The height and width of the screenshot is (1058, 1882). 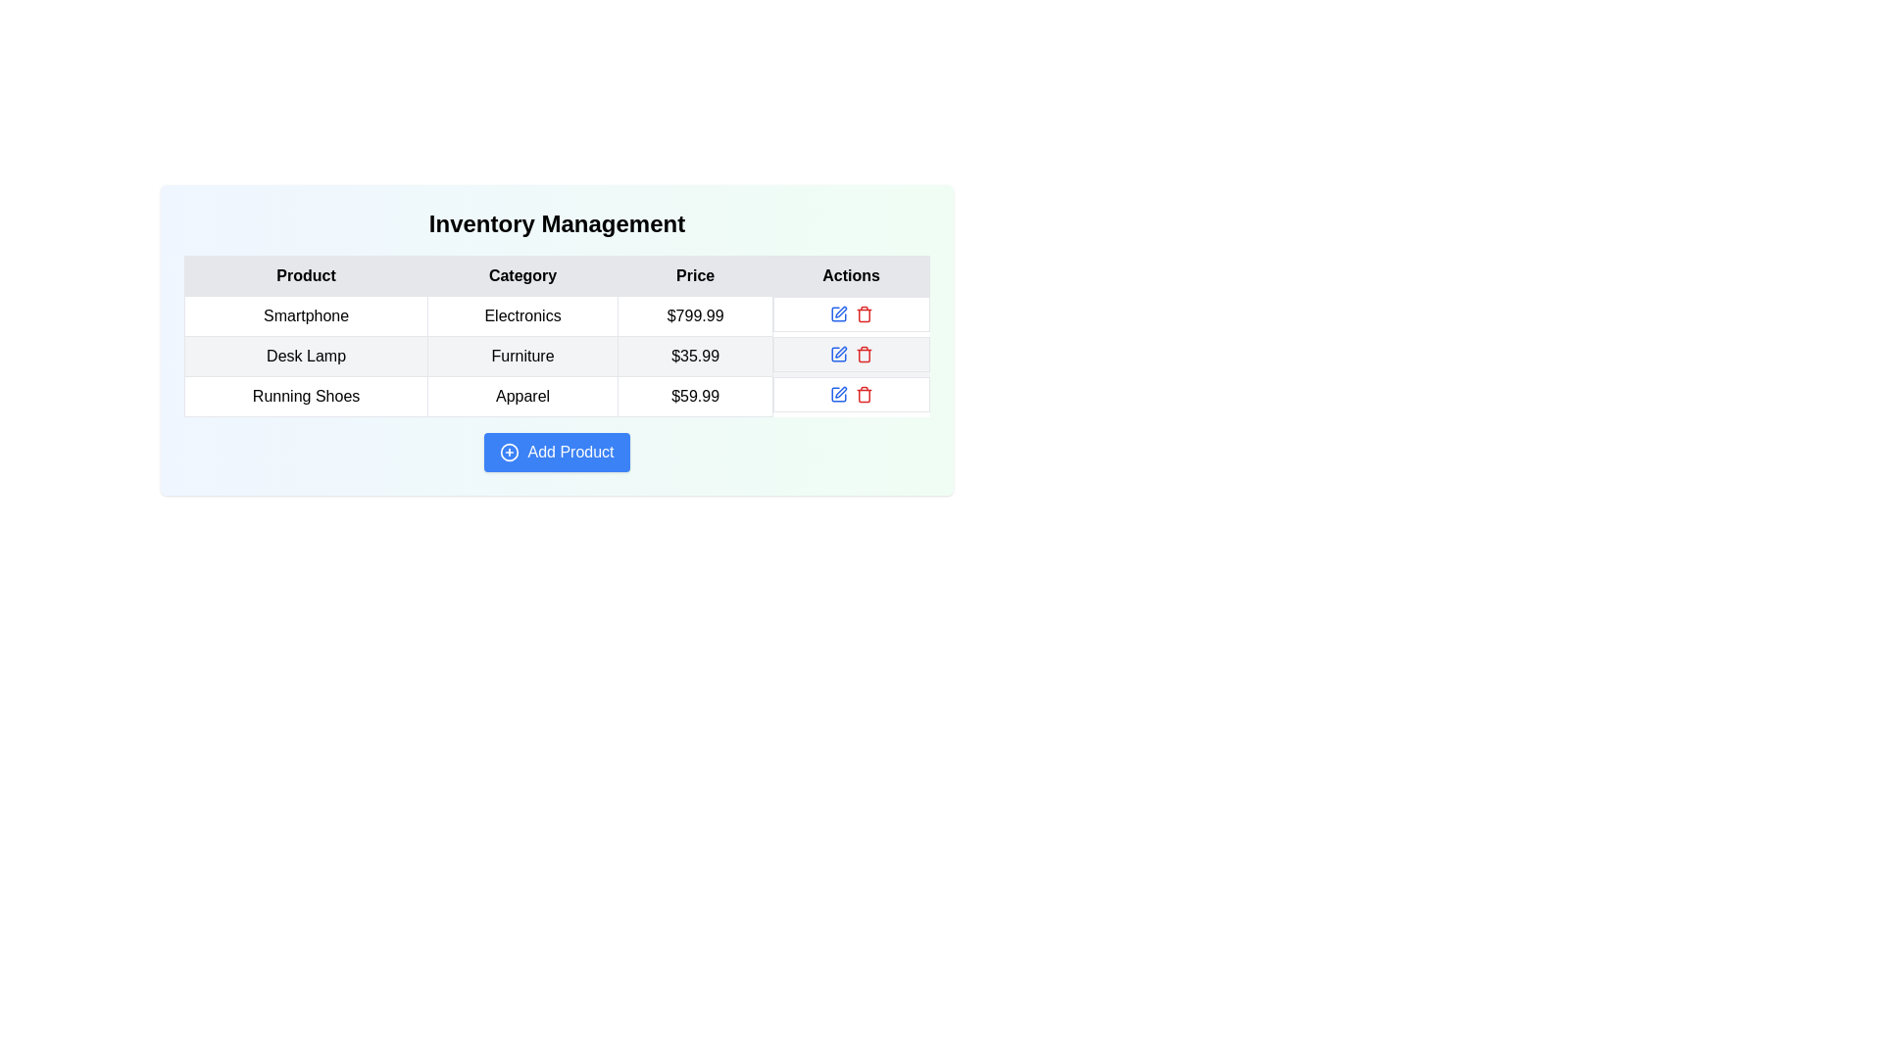 What do you see at coordinates (510, 453) in the screenshot?
I see `the icon on the left side of the 'Add Product' button` at bounding box center [510, 453].